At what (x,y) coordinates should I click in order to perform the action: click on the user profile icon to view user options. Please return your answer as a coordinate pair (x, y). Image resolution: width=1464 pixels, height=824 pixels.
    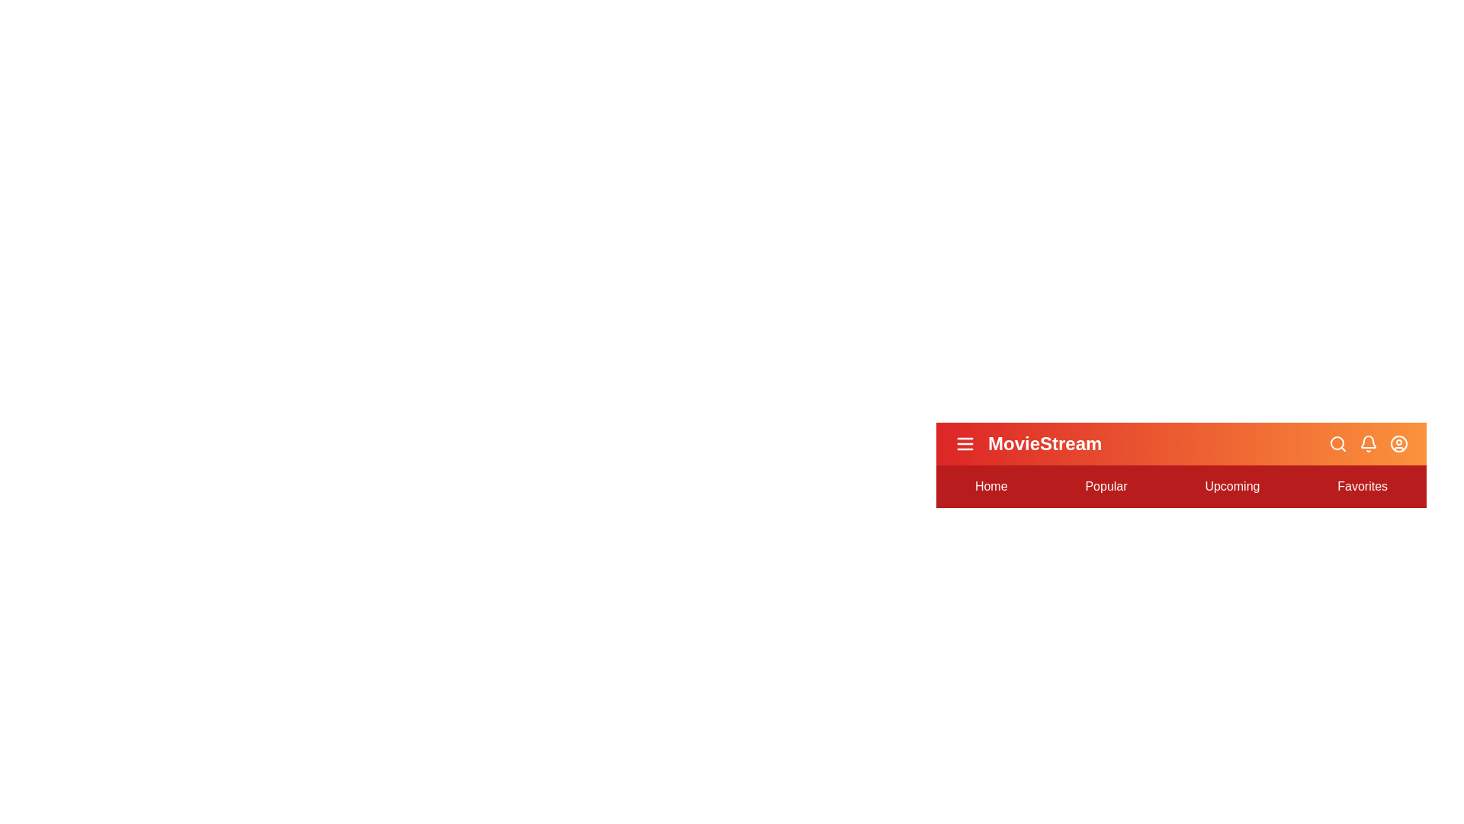
    Looking at the image, I should click on (1398, 444).